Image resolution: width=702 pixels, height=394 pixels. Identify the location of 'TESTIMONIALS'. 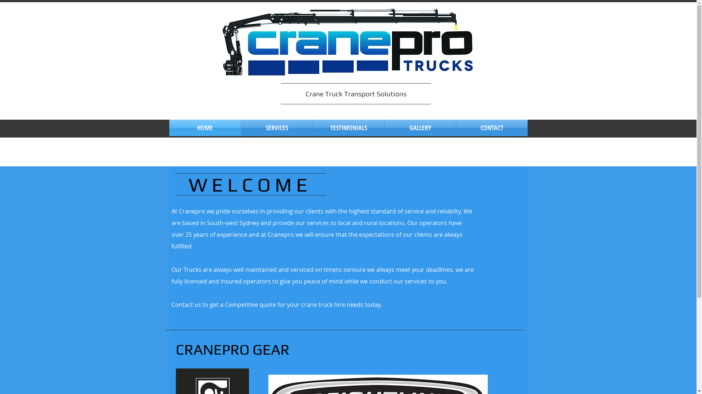
(348, 127).